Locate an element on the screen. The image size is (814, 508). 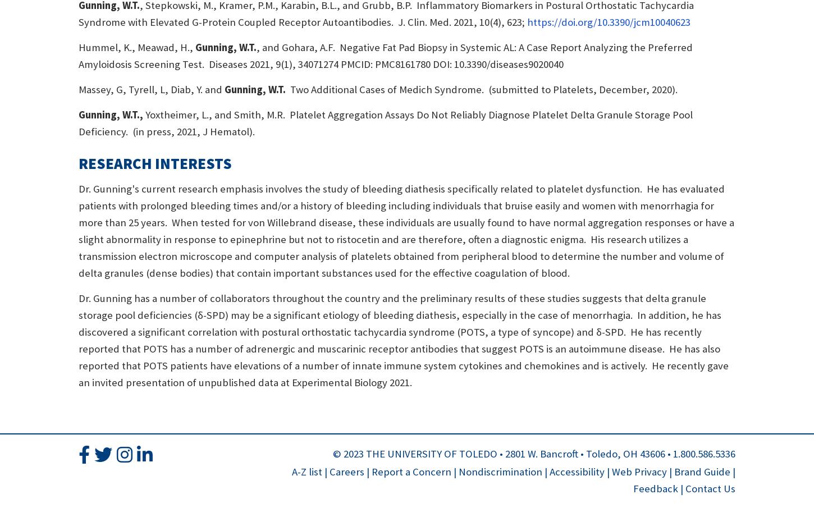
'Yoxtheimer, L., and Smith, M.R.  Platelet Aggregation Assays Do Not Reliably Diagnose
                  Platelet Delta Granule Storage Pool Deficiency.  (in press, 2021, J Hematol).' is located at coordinates (385, 122).